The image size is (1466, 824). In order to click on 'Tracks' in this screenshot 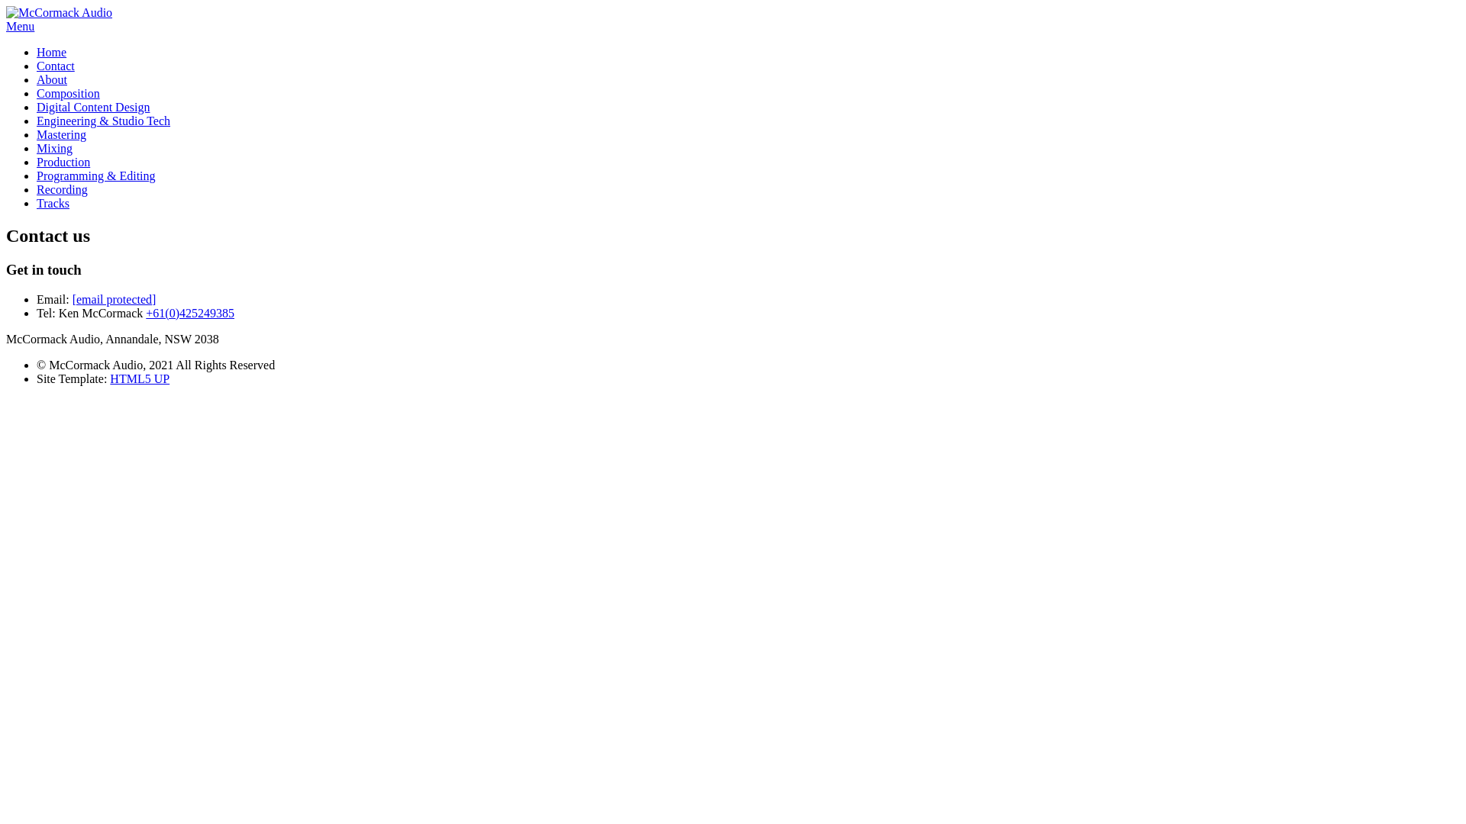, I will do `click(53, 202)`.